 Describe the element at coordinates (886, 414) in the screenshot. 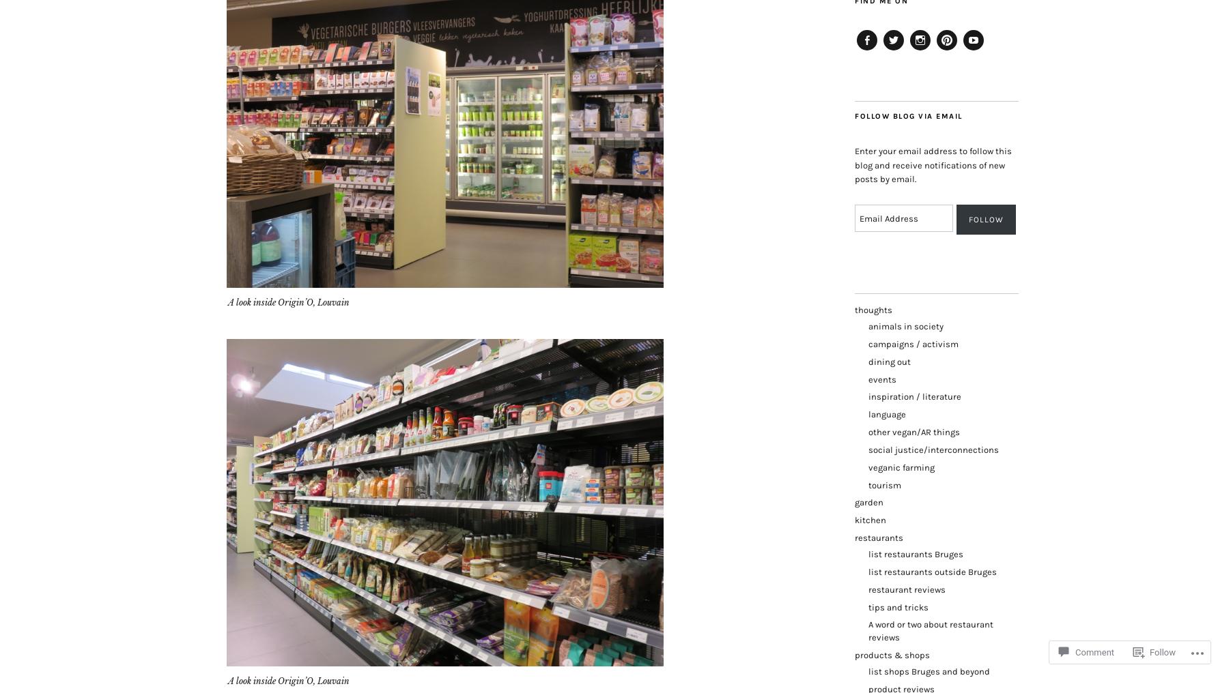

I see `'language'` at that location.